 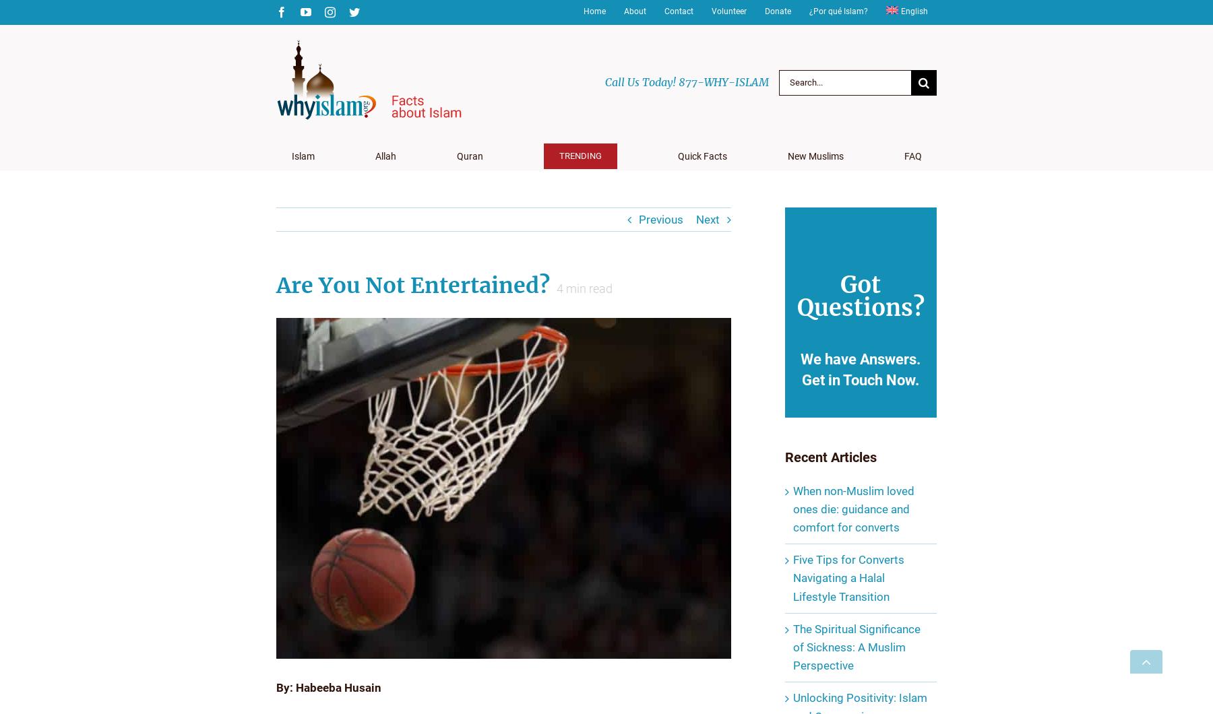 I want to click on 'New Muslims', so click(x=814, y=156).